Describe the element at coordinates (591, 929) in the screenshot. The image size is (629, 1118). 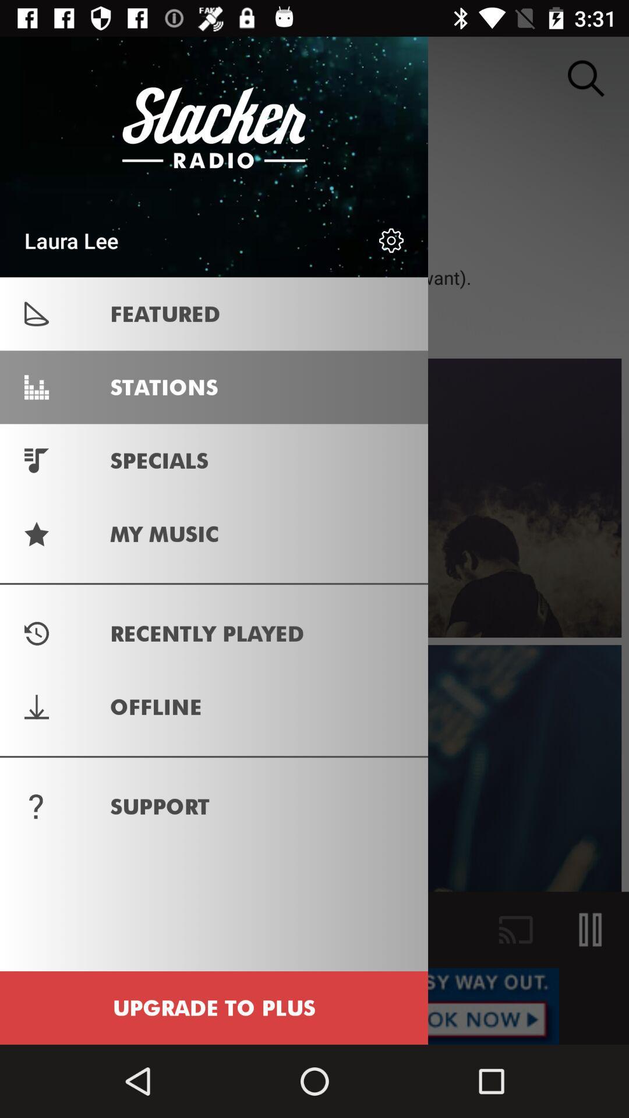
I see `the pause icon` at that location.